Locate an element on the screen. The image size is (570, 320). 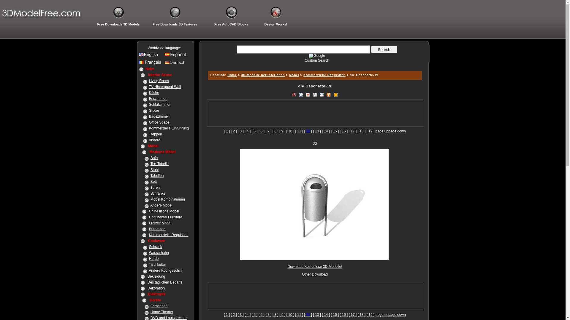
'[ 17 ]' is located at coordinates (353, 314).